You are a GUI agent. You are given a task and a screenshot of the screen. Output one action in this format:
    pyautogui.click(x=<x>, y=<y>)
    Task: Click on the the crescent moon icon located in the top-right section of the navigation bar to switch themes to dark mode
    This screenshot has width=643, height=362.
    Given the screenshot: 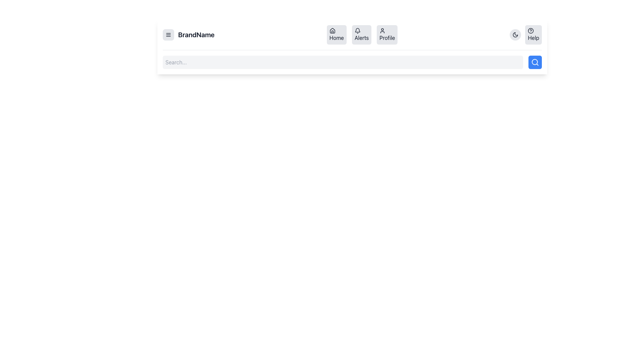 What is the action you would take?
    pyautogui.click(x=515, y=35)
    